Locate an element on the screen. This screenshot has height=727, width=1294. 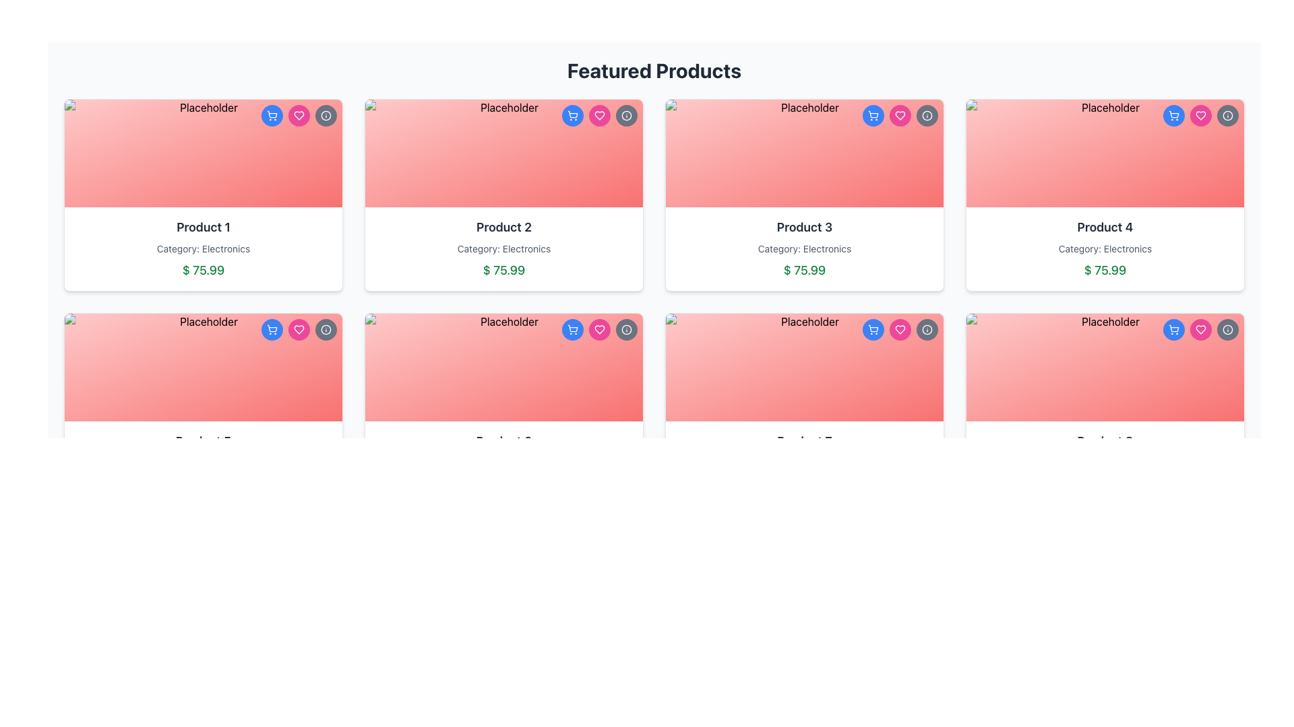
the middle circular button at the top-right corner of the 'Product 6' card to favorite the product is located at coordinates (598, 329).